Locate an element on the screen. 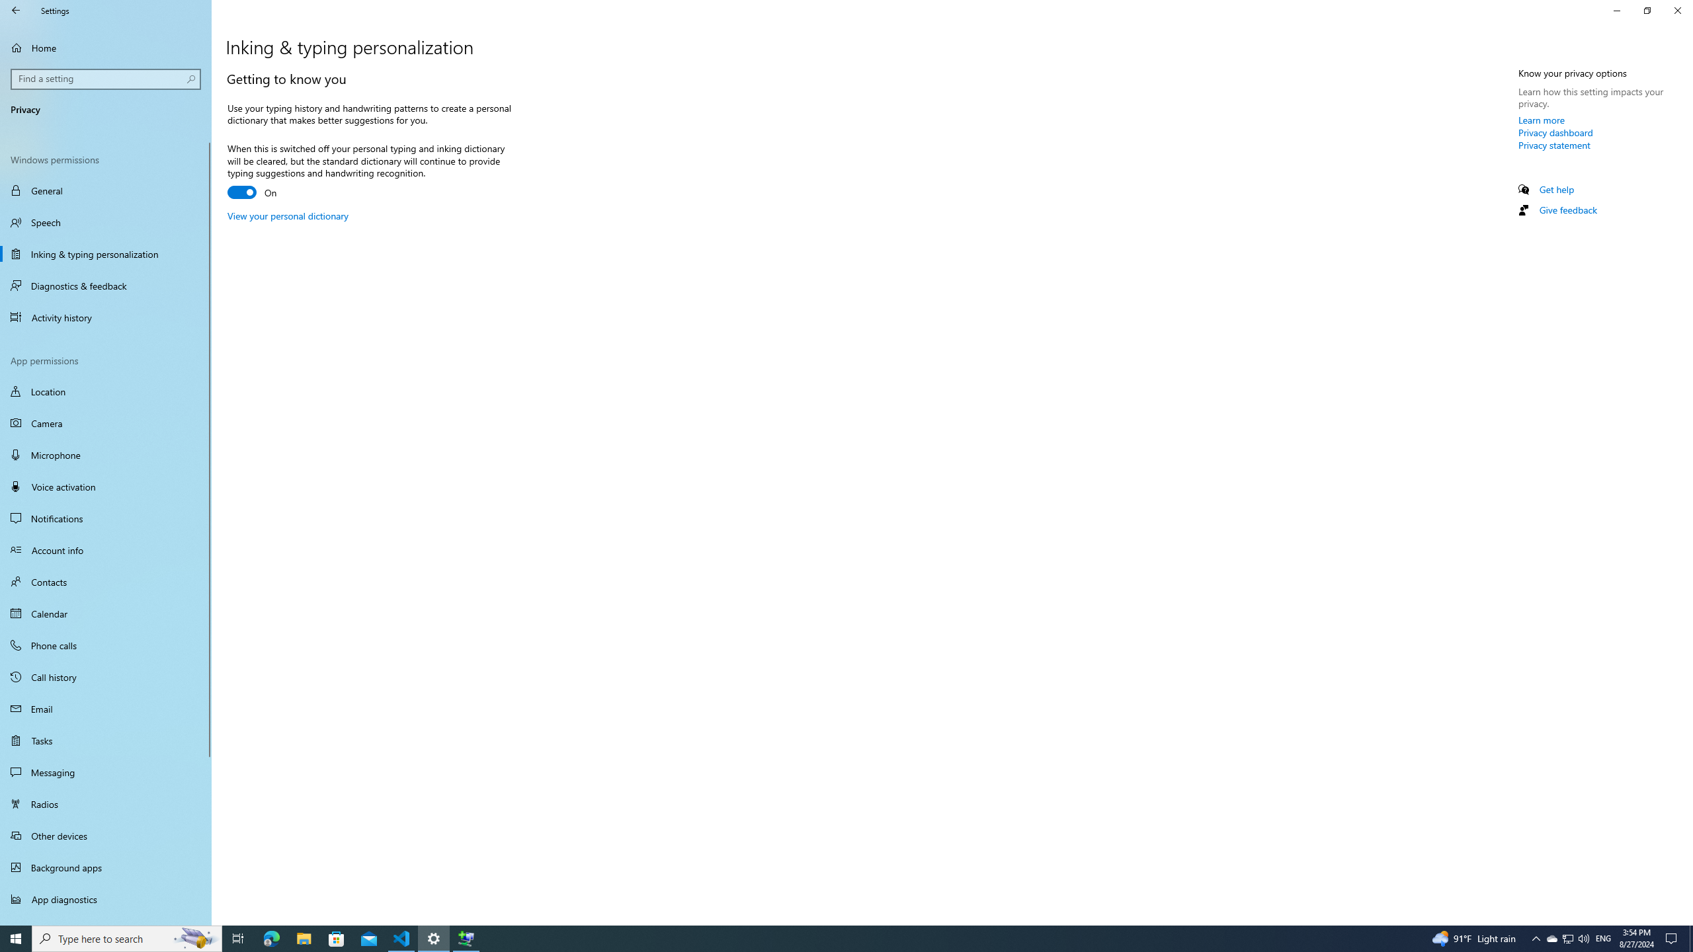  'Voice activation' is located at coordinates (105, 486).